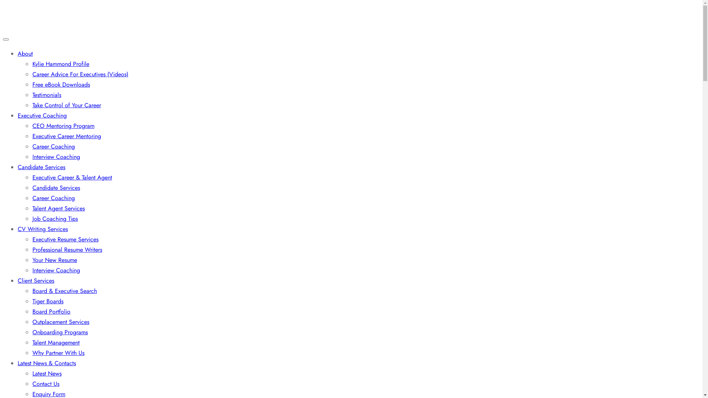 The image size is (708, 398). Describe the element at coordinates (46, 363) in the screenshot. I see `'Latest News & Contacts'` at that location.